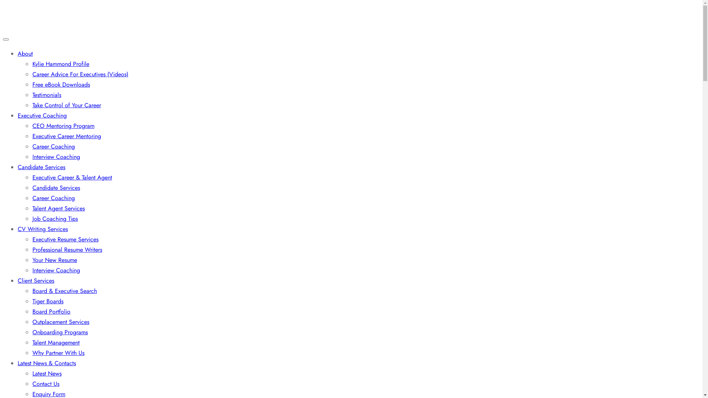 The image size is (708, 398). Describe the element at coordinates (46, 363) in the screenshot. I see `'Latest News & Contacts'` at that location.